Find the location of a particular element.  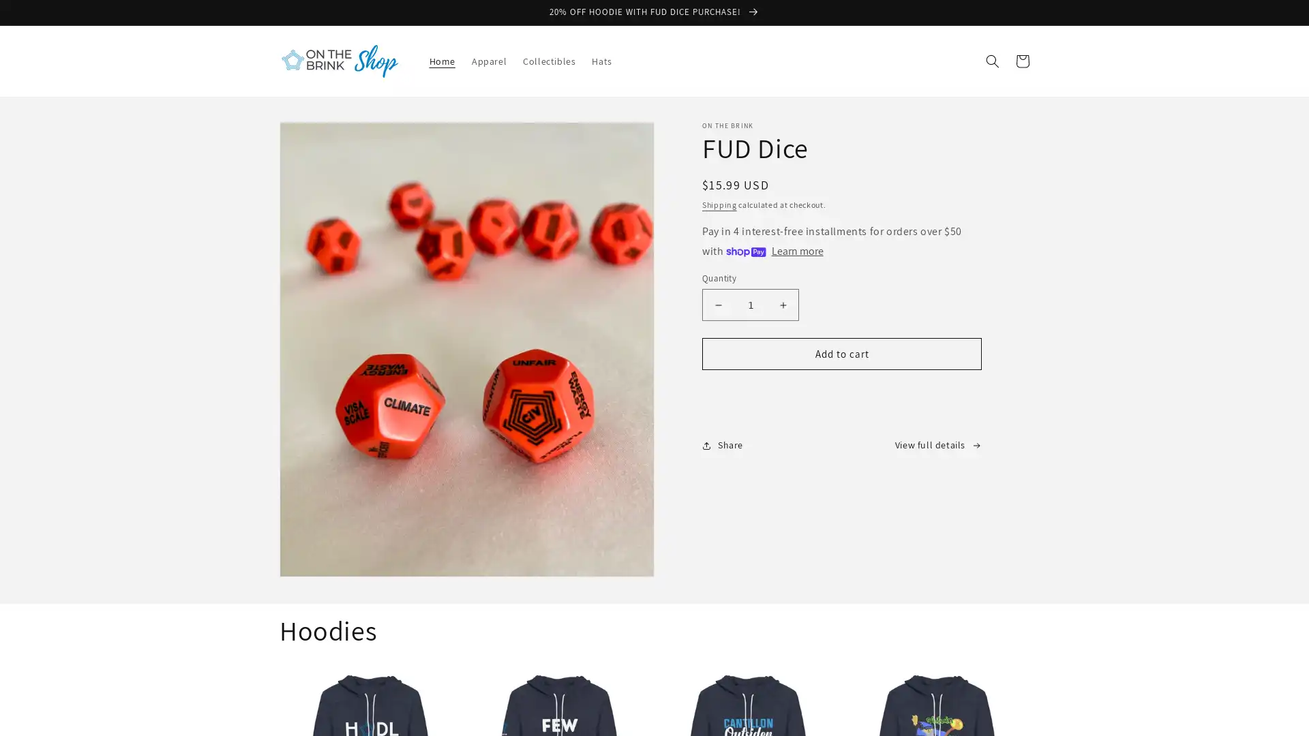

Add to cart is located at coordinates (841, 353).